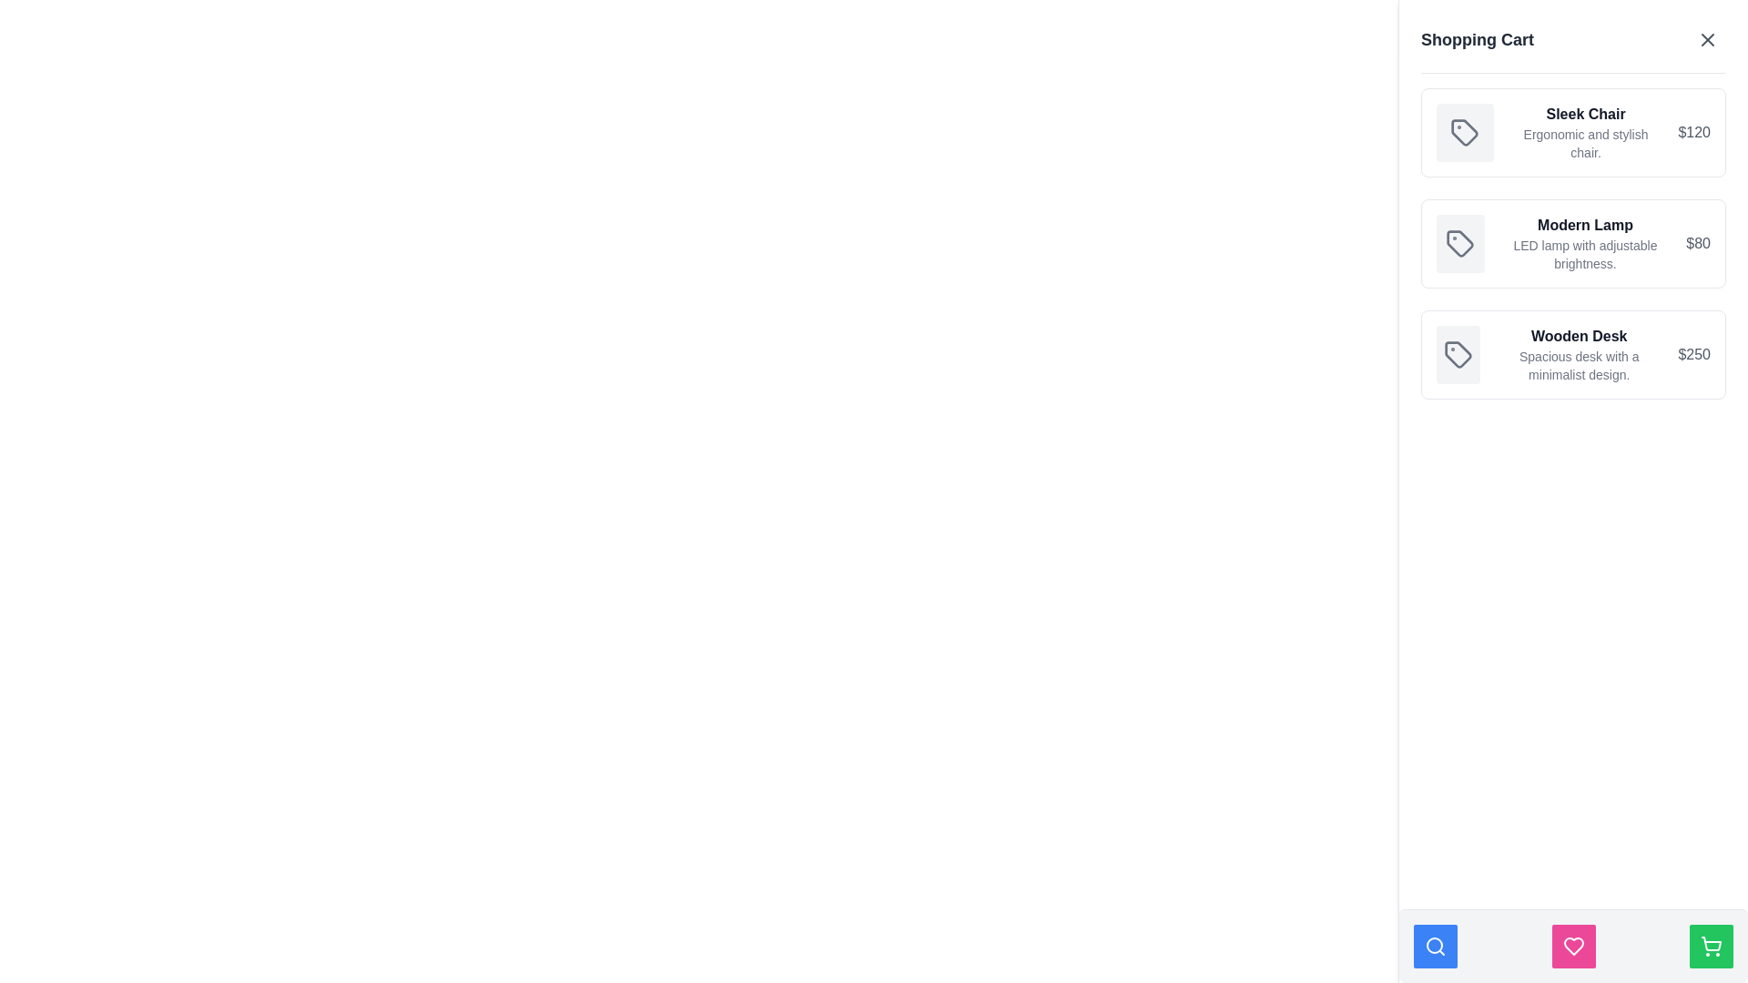 Image resolution: width=1748 pixels, height=983 pixels. What do you see at coordinates (1465, 132) in the screenshot?
I see `the graphical icon shaped like a tag, which is the first icon in the shopping cart interface, located to the left of the product description 'Sleek Chair'` at bounding box center [1465, 132].